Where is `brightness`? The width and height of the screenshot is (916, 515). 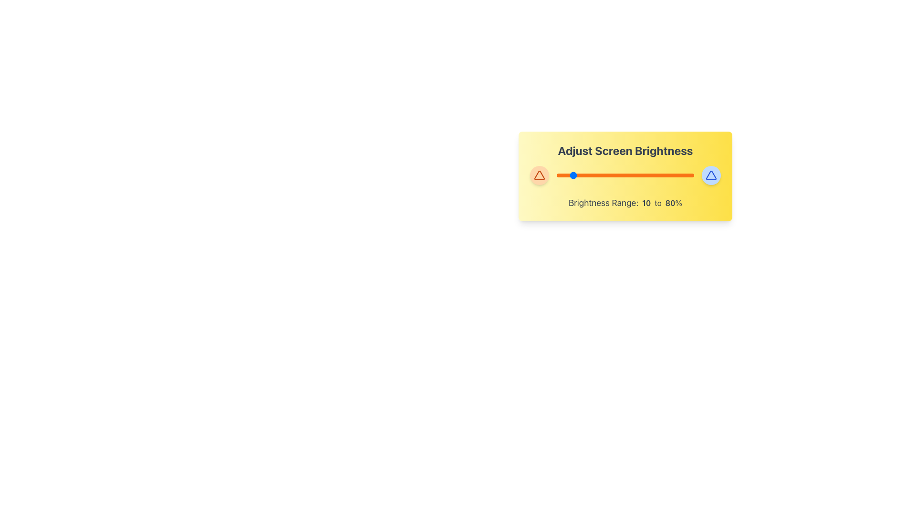 brightness is located at coordinates (664, 175).